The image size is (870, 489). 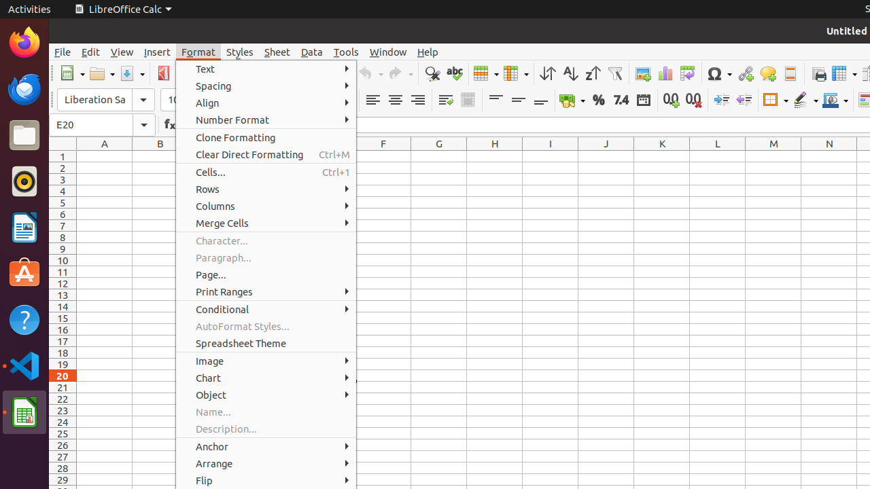 I want to click on 'Page...', so click(x=266, y=274).